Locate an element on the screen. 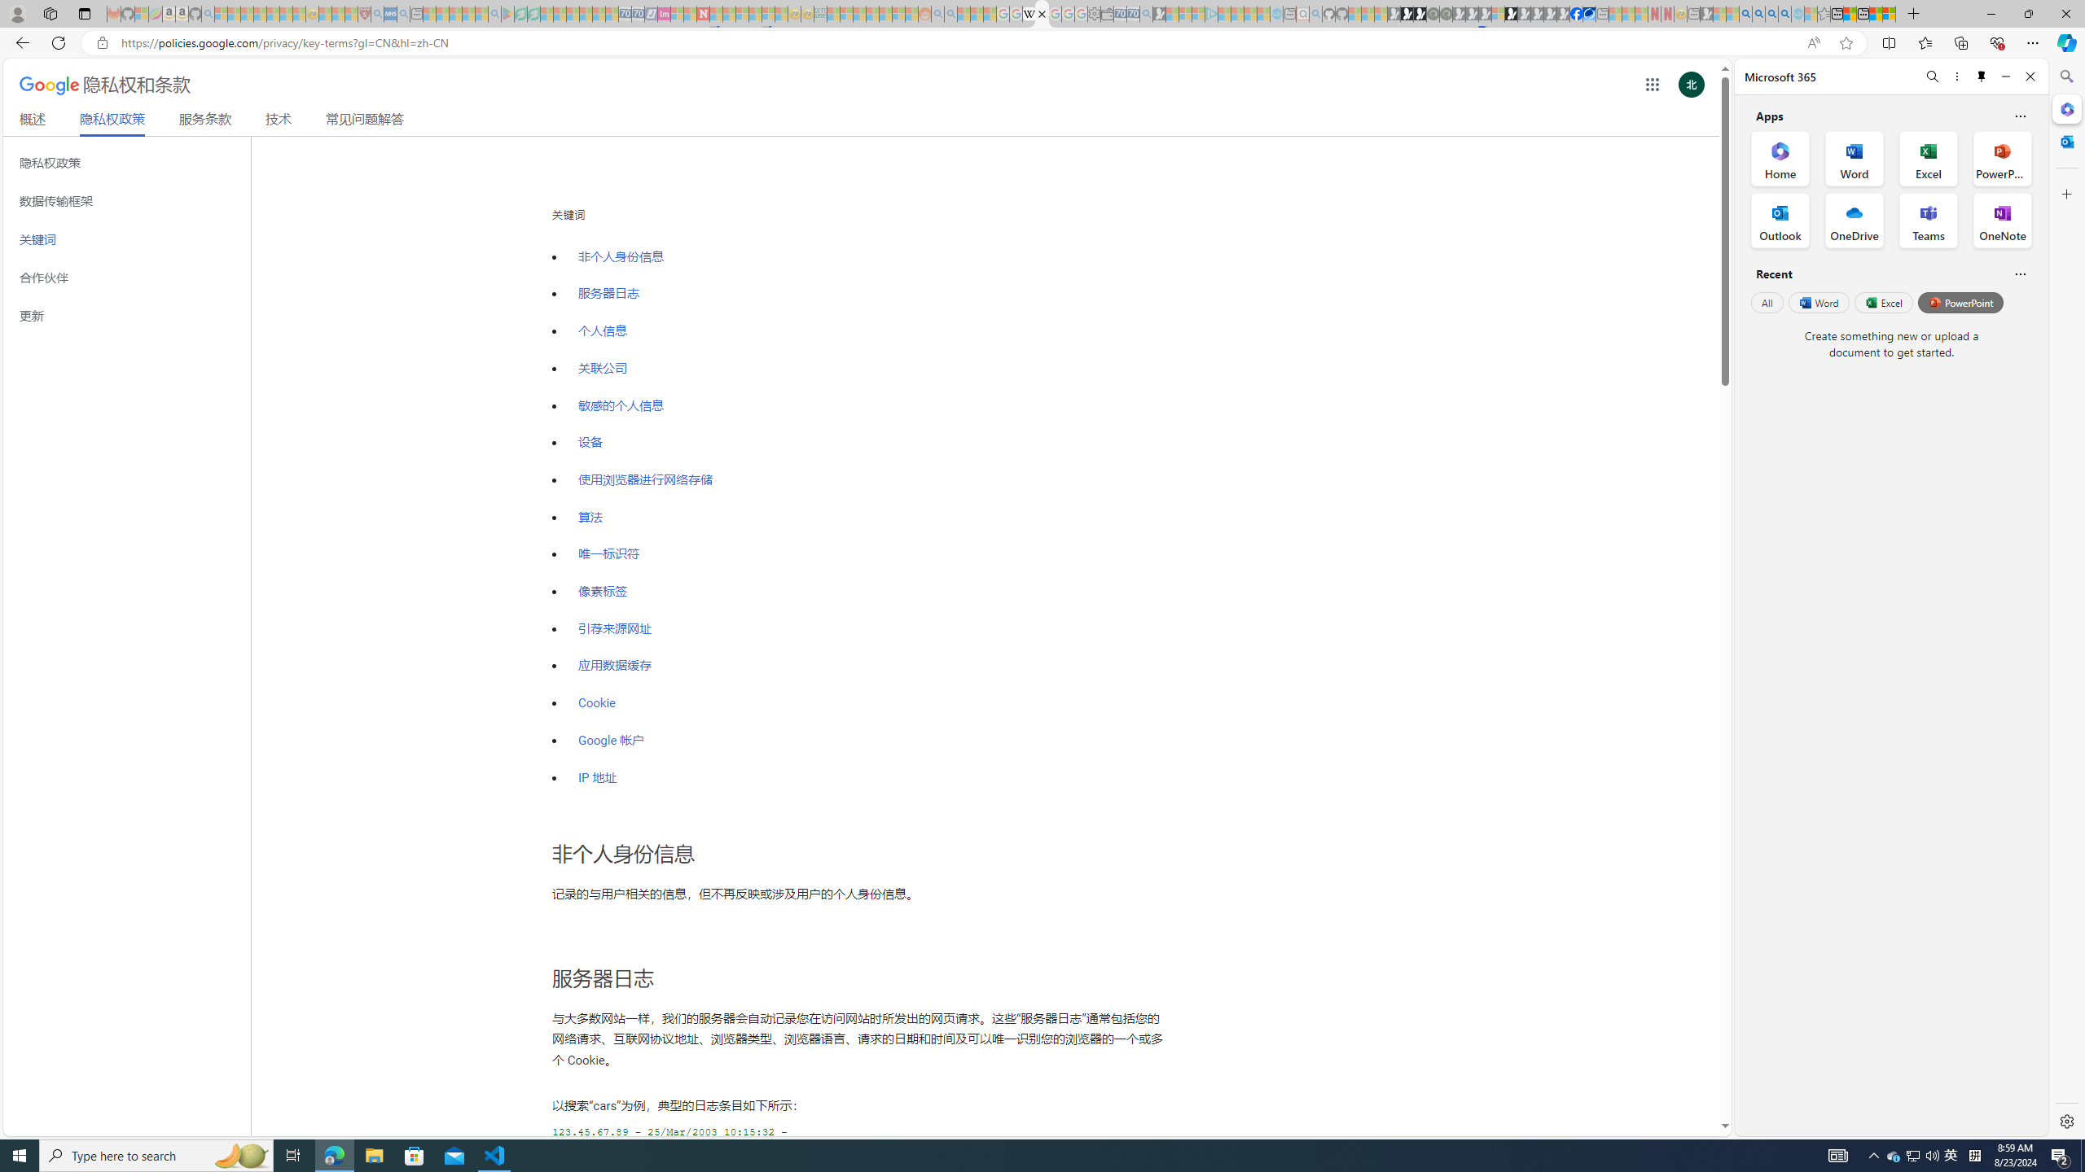 The image size is (2085, 1172). 'Excel' is located at coordinates (1882, 302).